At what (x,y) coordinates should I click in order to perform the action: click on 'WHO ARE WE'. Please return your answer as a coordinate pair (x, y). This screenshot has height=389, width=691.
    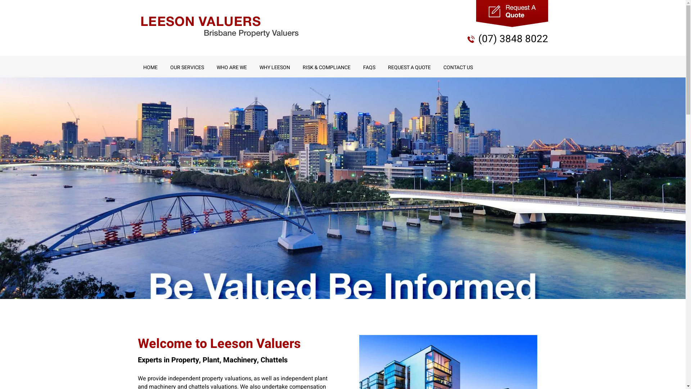
    Looking at the image, I should click on (231, 67).